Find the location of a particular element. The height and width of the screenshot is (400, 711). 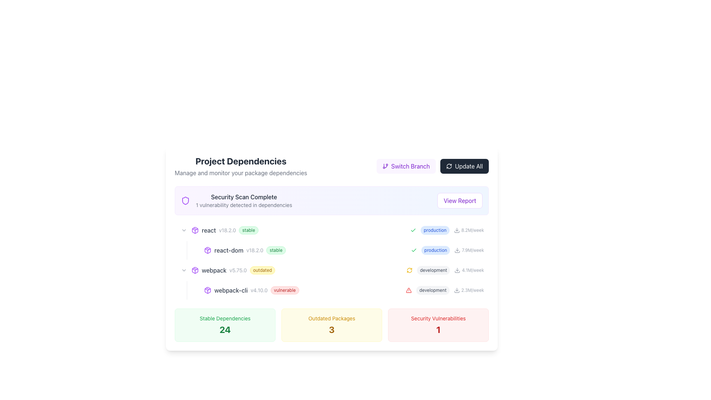

the label indicating the mode 'production' in the 'Project Dependencies' interface, which is part of the list item under 'react-dom v18.2.0 stable' is located at coordinates (435, 250).